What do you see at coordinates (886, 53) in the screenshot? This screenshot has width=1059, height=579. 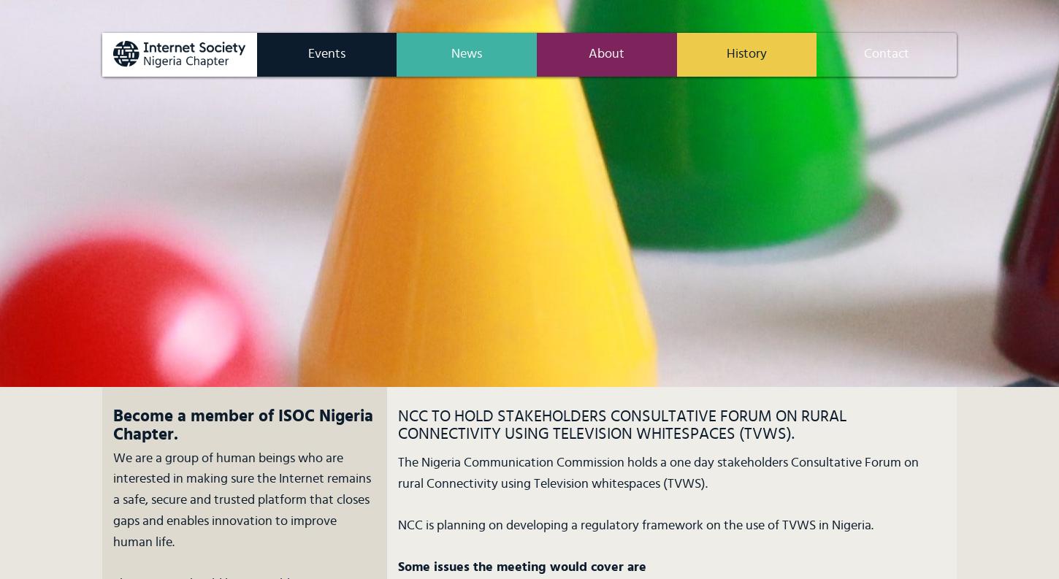 I see `'Contact'` at bounding box center [886, 53].